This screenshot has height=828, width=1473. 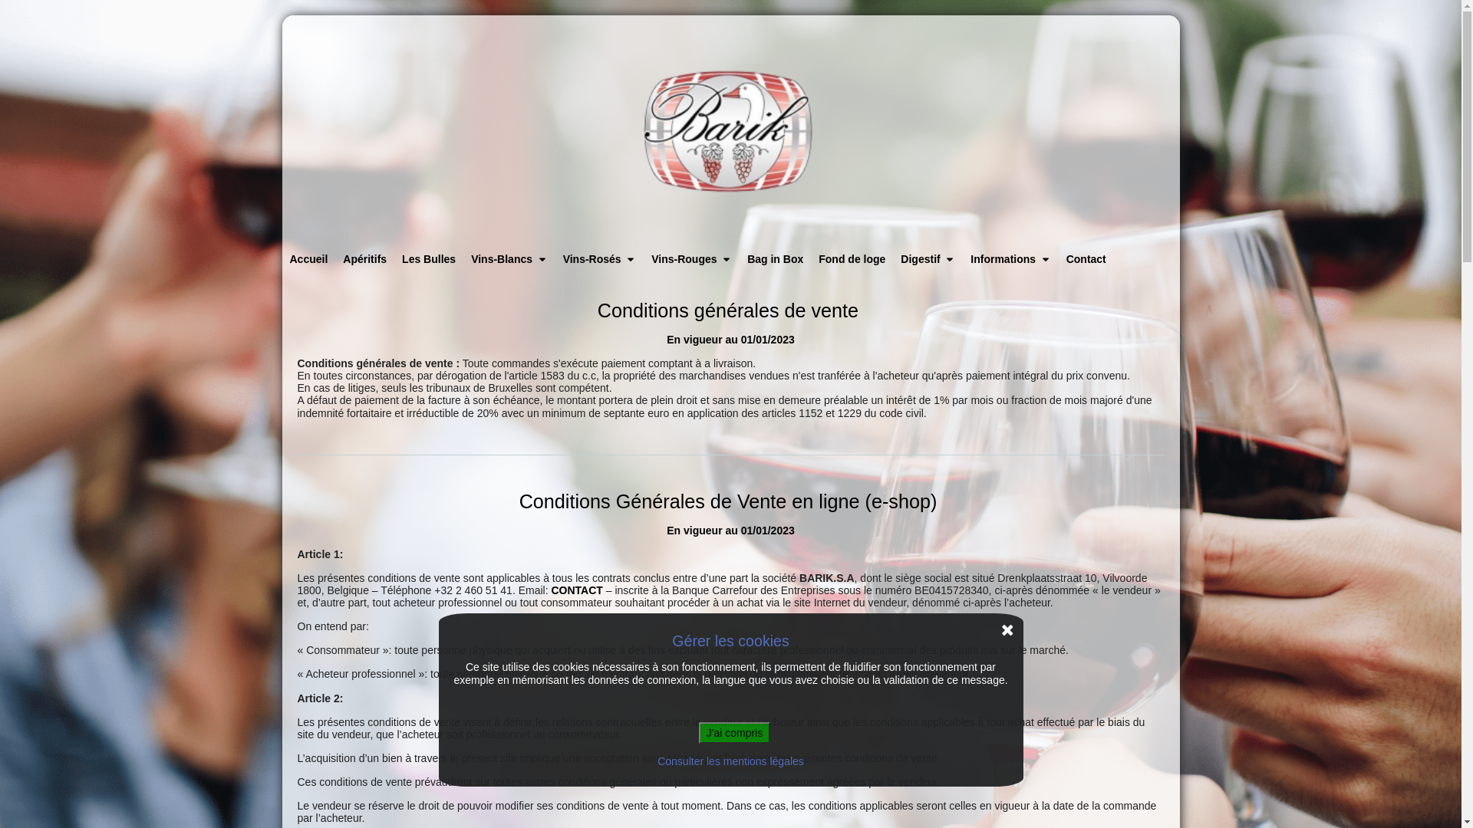 What do you see at coordinates (308, 258) in the screenshot?
I see `'Accueil'` at bounding box center [308, 258].